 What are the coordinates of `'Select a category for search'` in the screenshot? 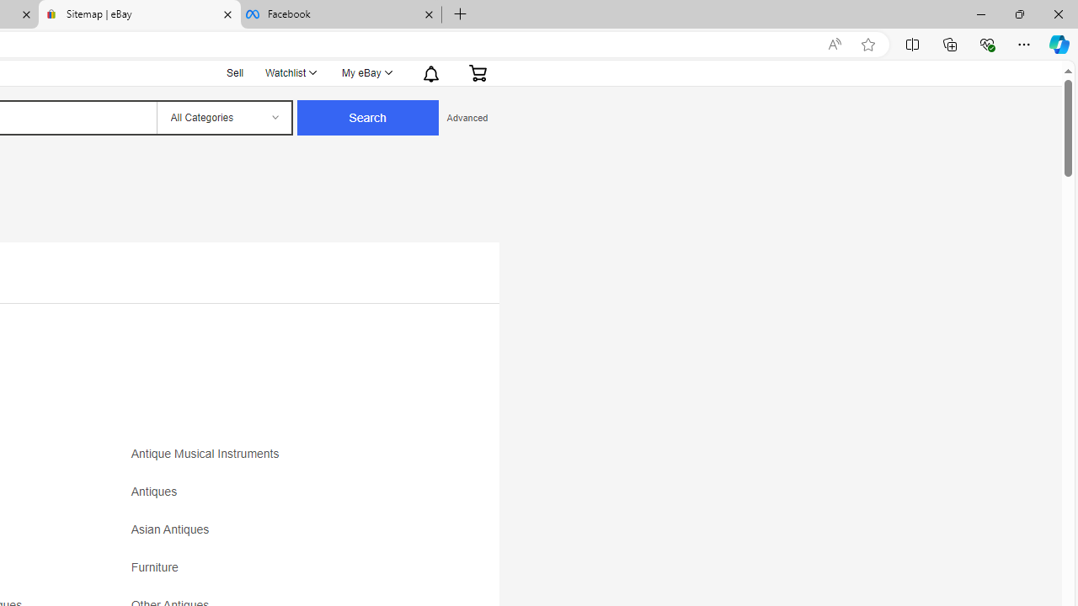 It's located at (222, 117).